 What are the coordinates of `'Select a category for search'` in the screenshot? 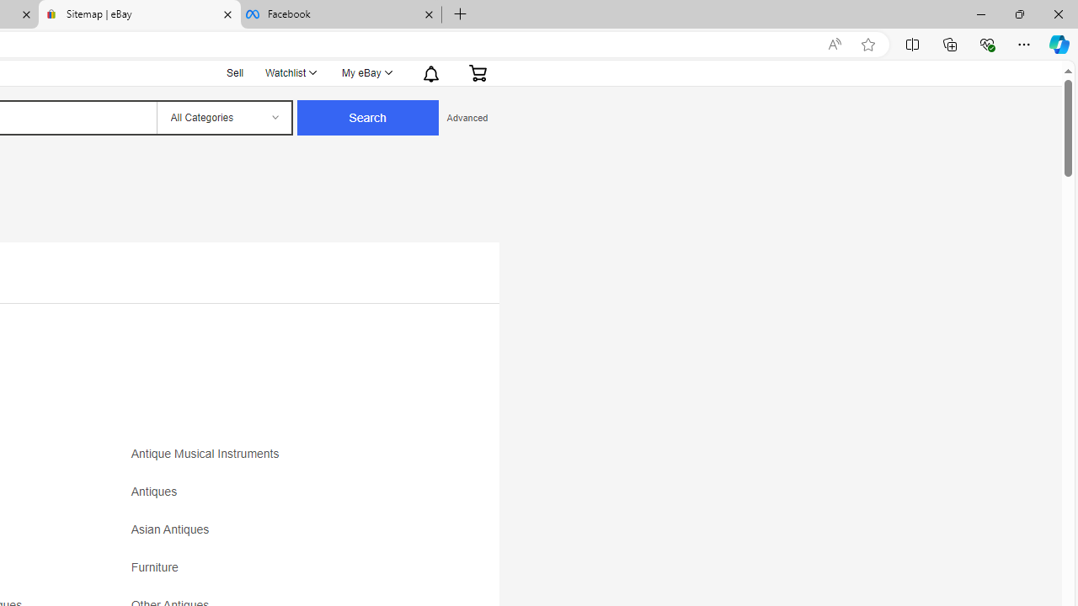 It's located at (222, 117).